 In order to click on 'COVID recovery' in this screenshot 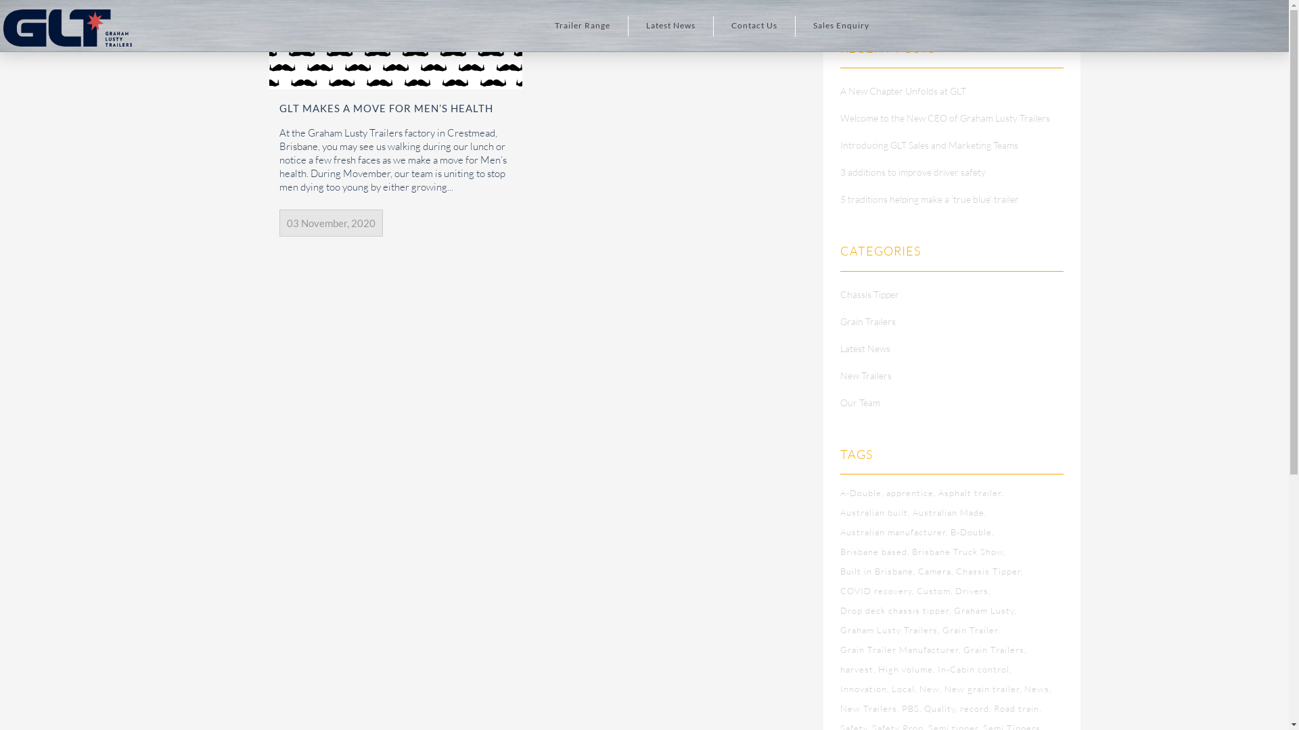, I will do `click(840, 590)`.